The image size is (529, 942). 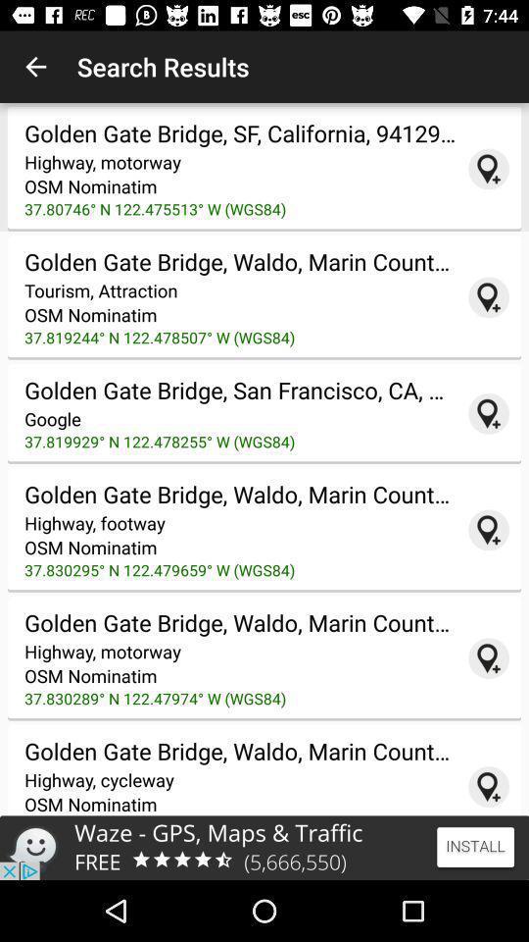 I want to click on link to map, so click(x=488, y=297).